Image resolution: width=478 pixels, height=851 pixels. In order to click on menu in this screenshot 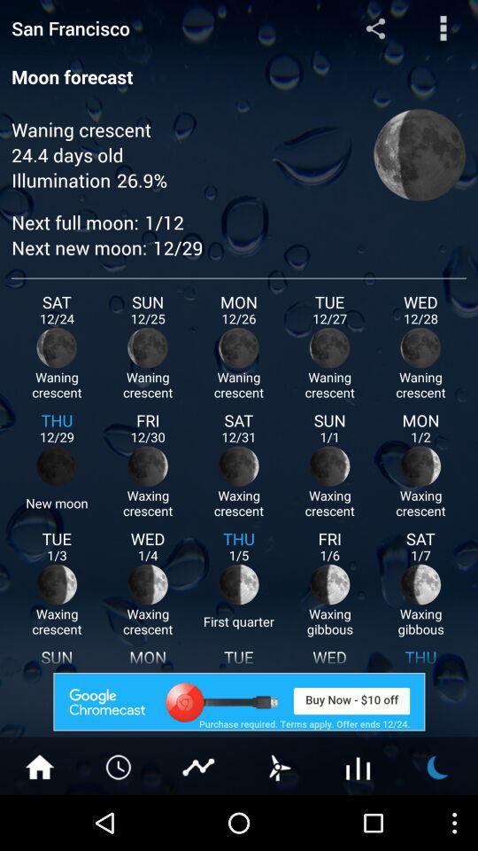, I will do `click(443, 27)`.